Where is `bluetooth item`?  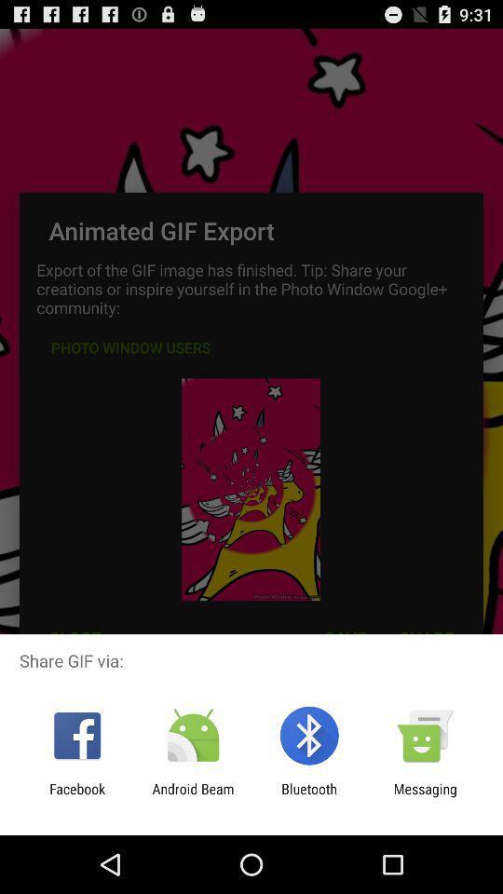
bluetooth item is located at coordinates (309, 796).